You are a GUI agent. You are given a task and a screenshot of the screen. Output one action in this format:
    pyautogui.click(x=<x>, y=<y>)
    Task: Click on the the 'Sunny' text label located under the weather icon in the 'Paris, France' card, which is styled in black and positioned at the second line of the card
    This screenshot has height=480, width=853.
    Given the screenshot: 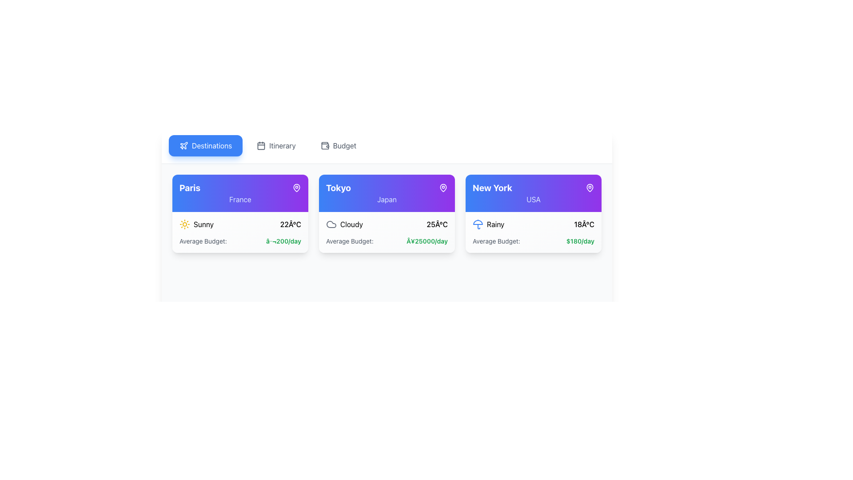 What is the action you would take?
    pyautogui.click(x=203, y=224)
    